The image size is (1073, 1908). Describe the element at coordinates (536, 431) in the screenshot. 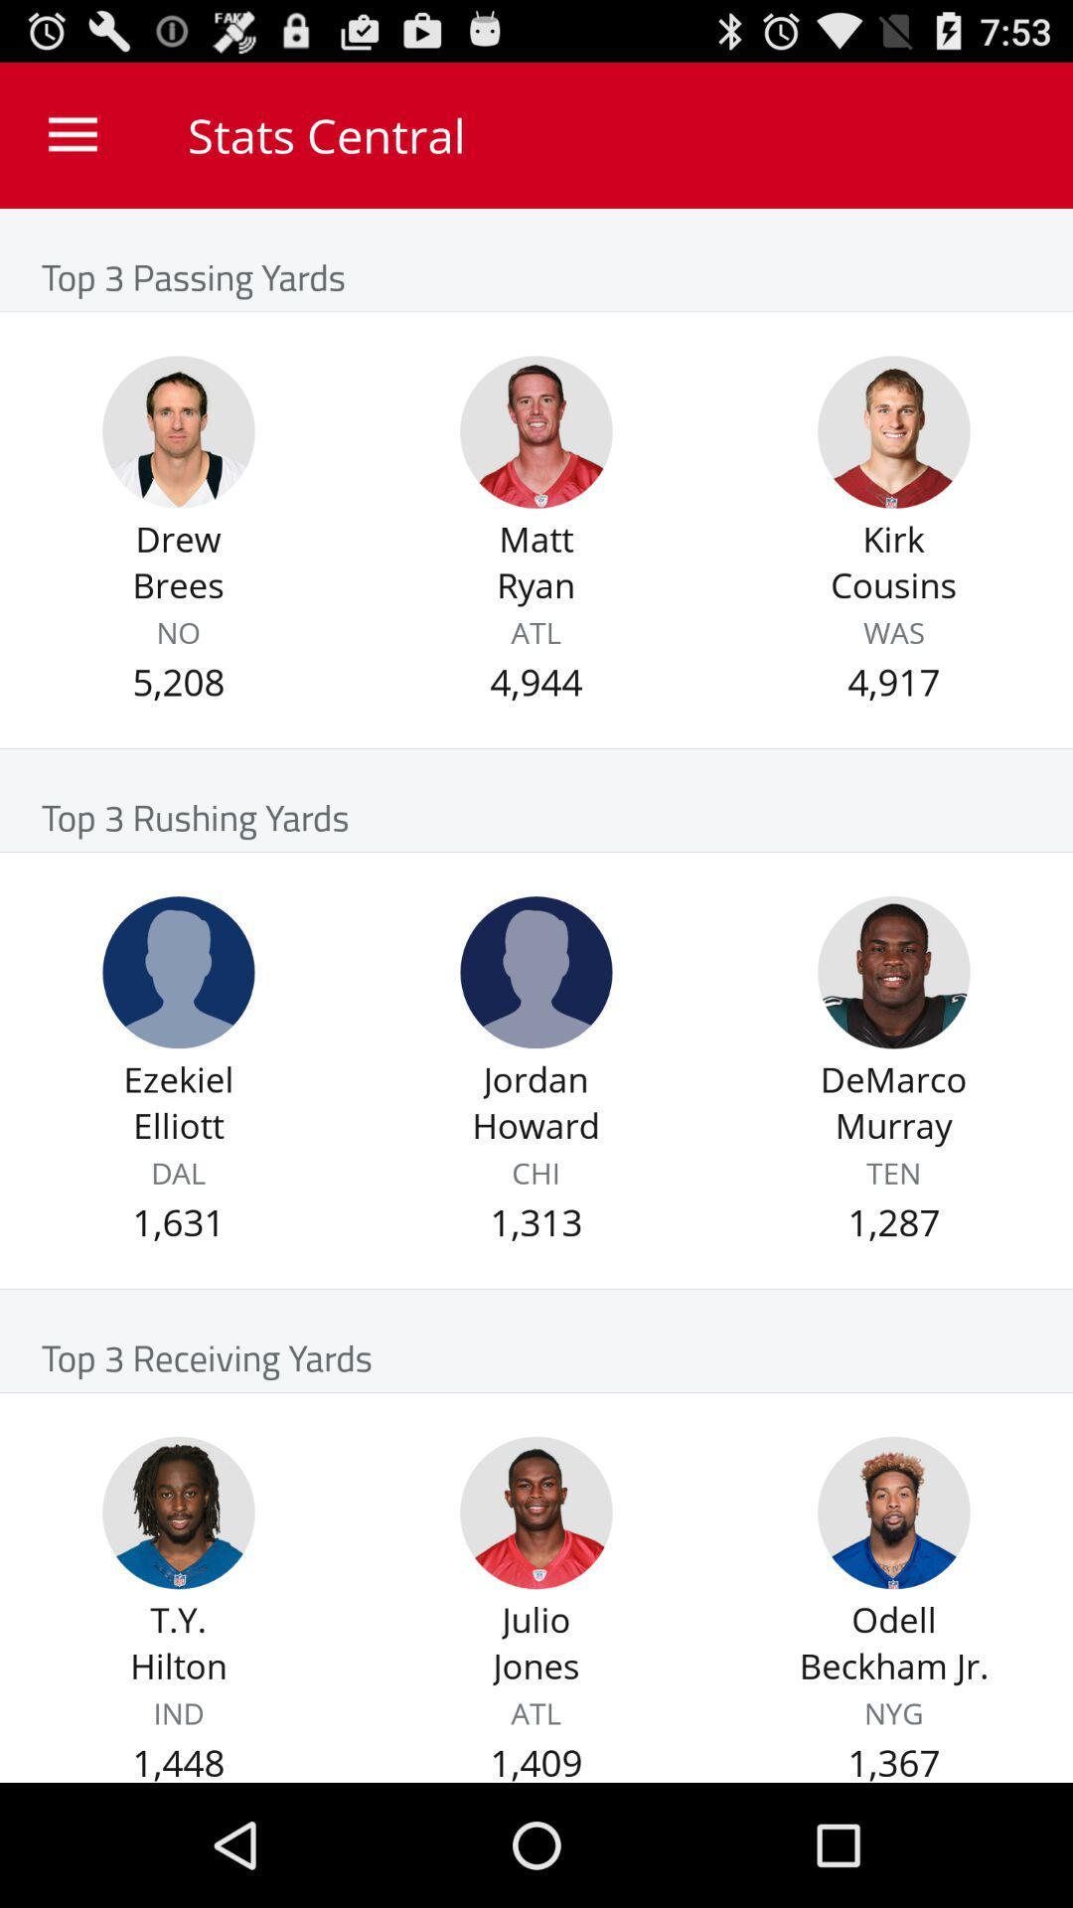

I see `see matt ryan stats` at that location.